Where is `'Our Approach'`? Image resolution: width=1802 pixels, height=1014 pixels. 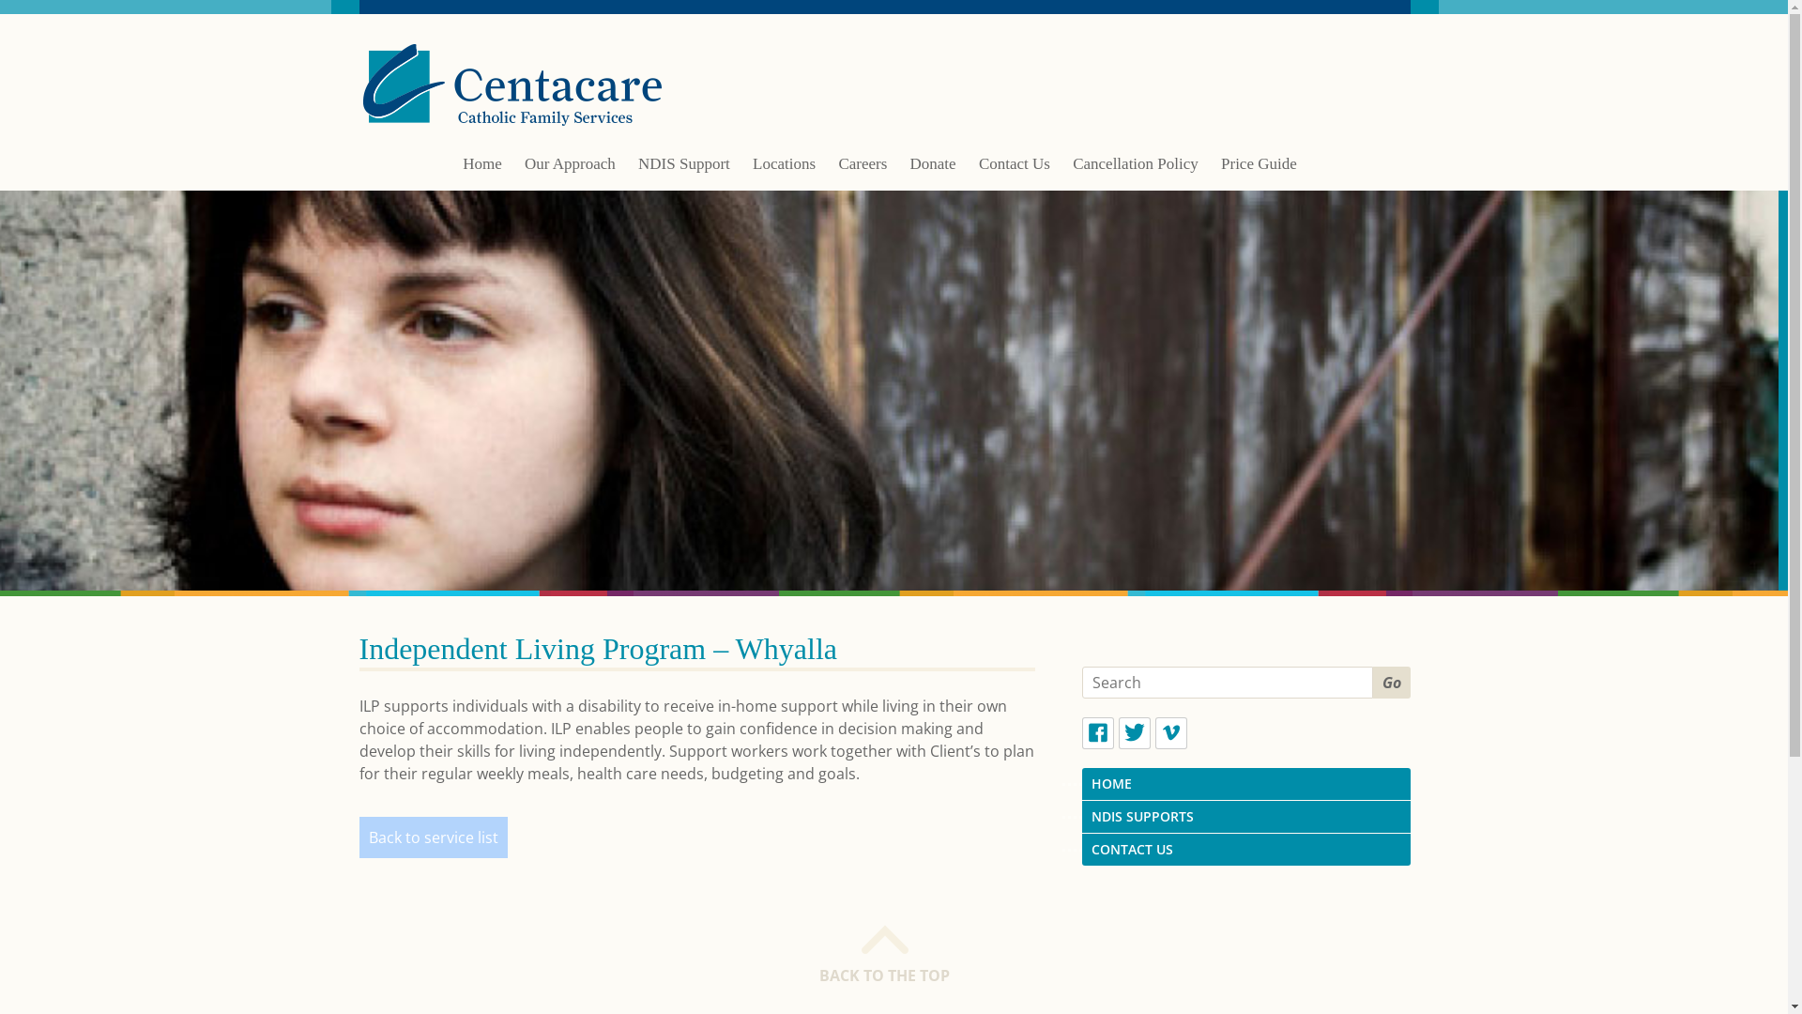
'Our Approach' is located at coordinates (569, 173).